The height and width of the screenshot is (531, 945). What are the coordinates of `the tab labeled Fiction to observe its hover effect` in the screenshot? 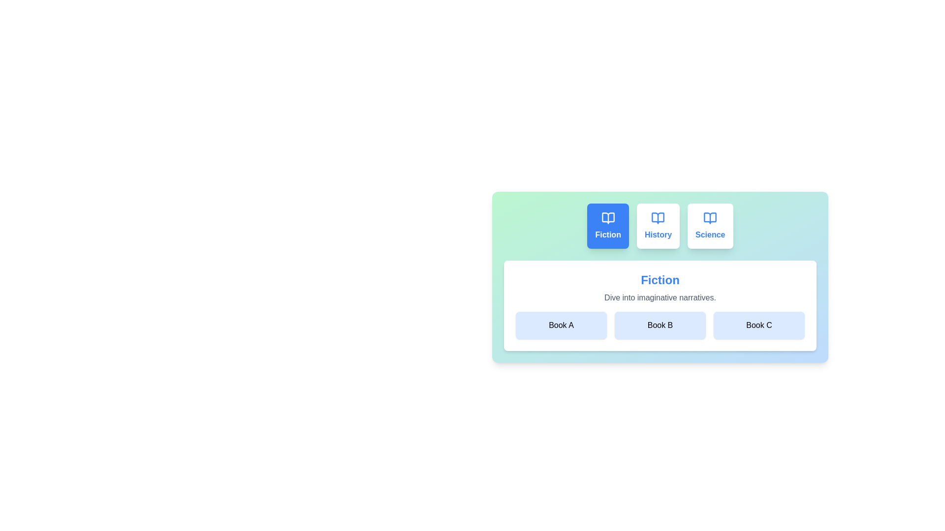 It's located at (607, 226).